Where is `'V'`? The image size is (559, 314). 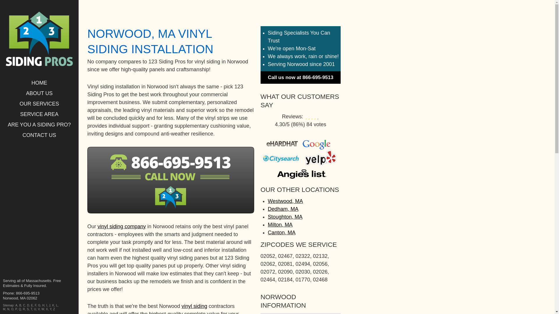 'V' is located at coordinates (38, 309).